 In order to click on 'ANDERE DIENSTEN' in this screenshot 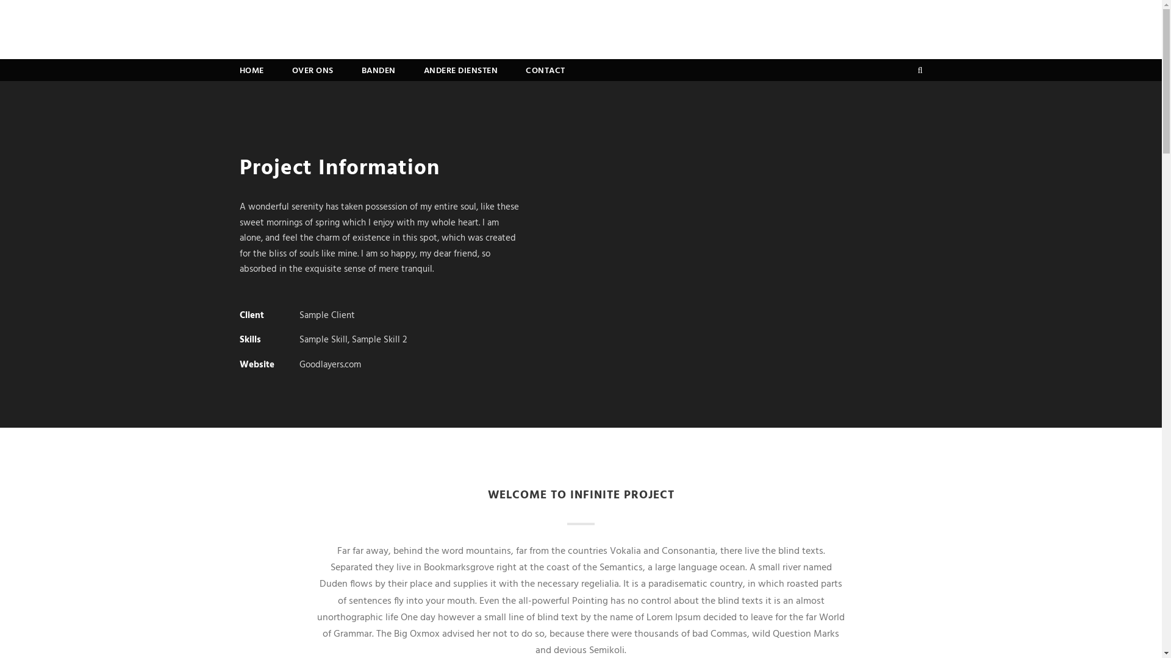, I will do `click(459, 73)`.